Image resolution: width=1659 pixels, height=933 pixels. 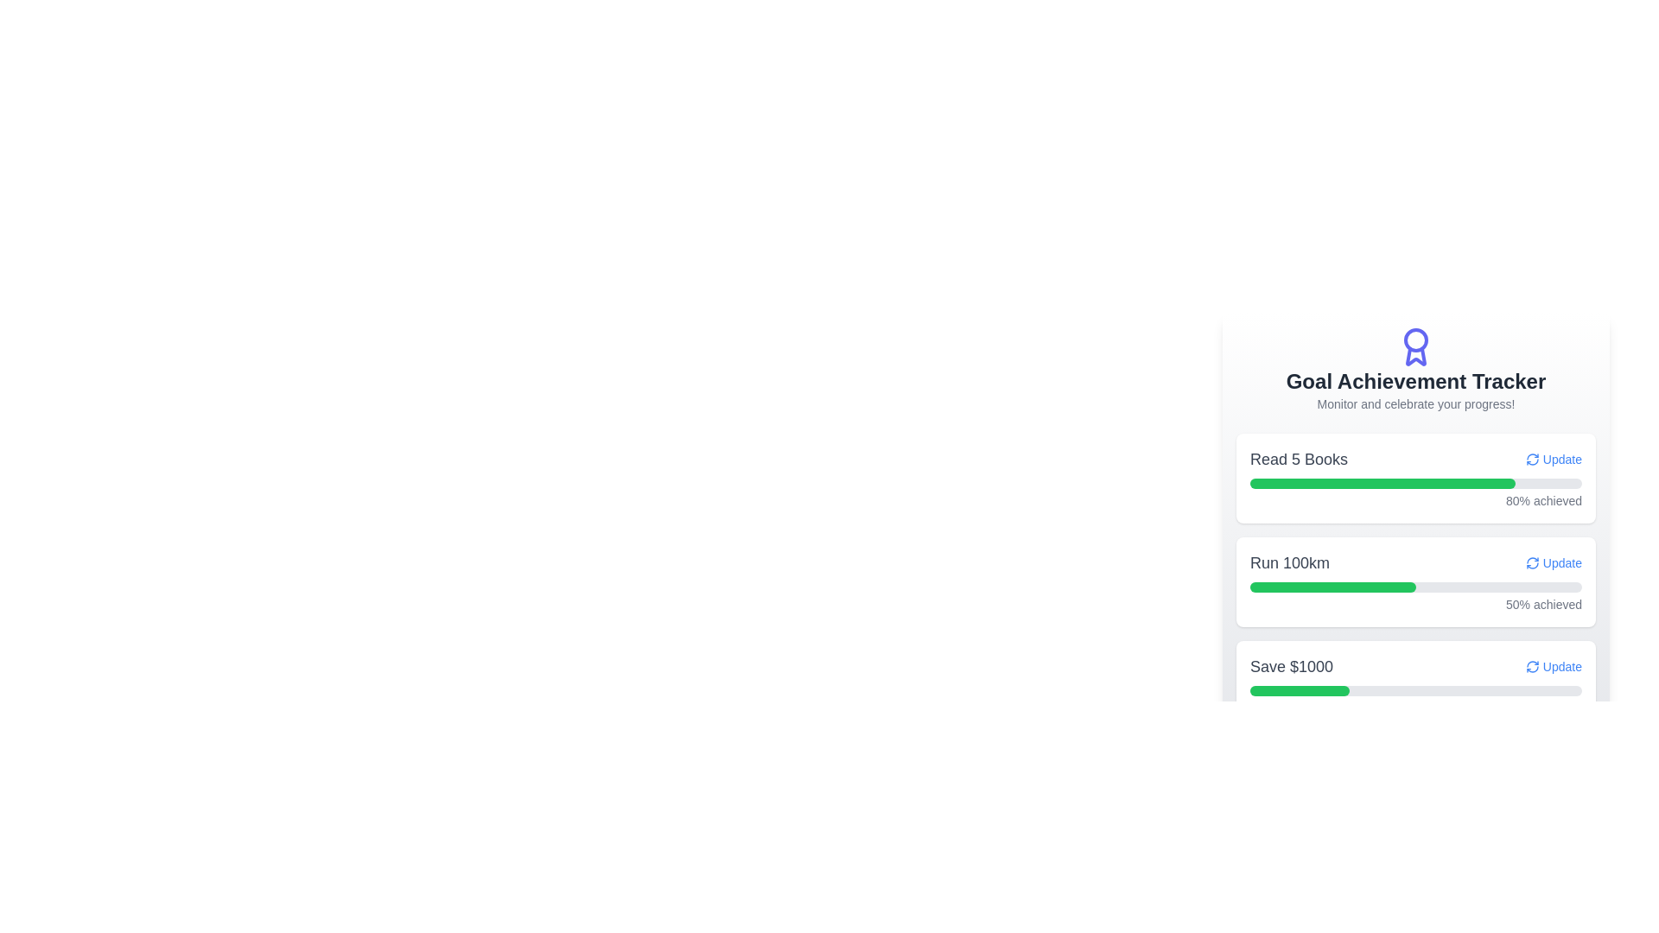 I want to click on the 'Update' button with a refresh arrow icon located to the right of the 'Read 5 Books' text, so click(x=1554, y=459).